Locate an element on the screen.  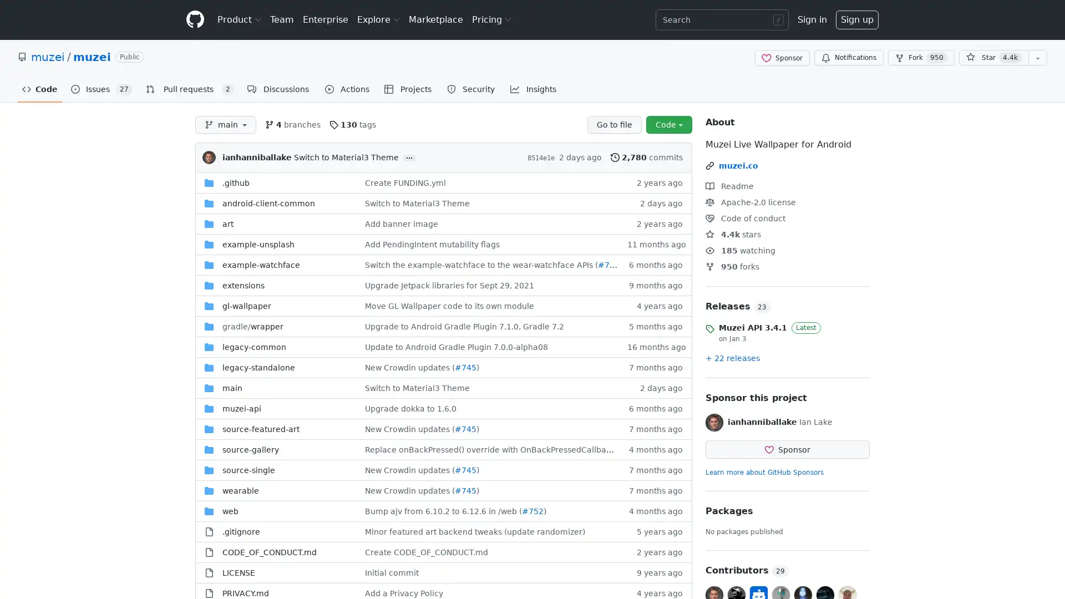
You must be signed in to add this repository to a list is located at coordinates (1037, 58).